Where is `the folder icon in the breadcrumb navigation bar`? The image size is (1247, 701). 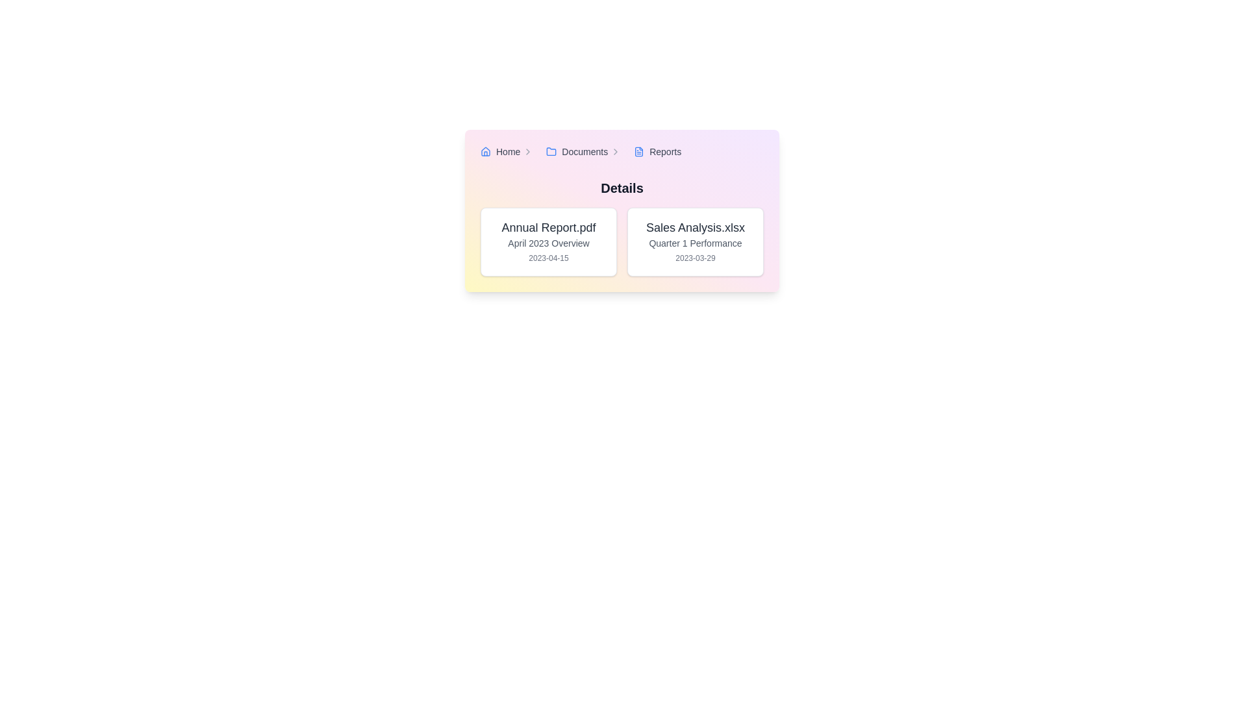 the folder icon in the breadcrumb navigation bar is located at coordinates (551, 151).